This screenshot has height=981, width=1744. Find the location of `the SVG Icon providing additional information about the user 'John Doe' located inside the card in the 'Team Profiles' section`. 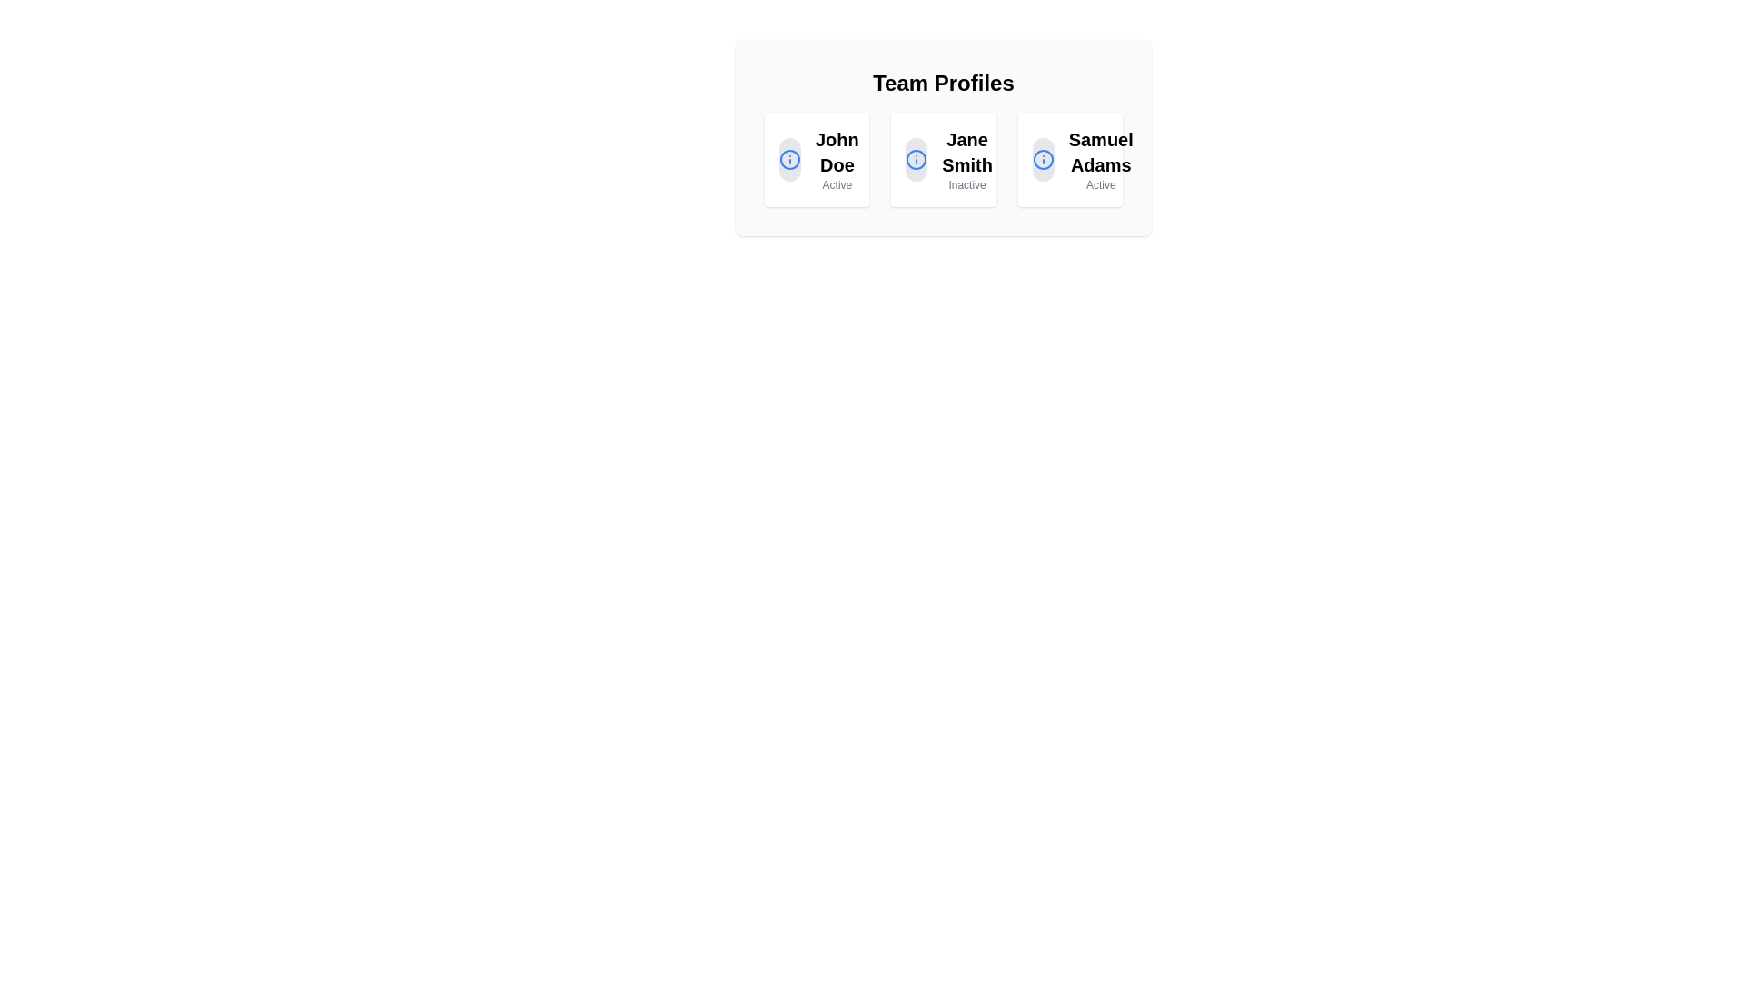

the SVG Icon providing additional information about the user 'John Doe' located inside the card in the 'Team Profiles' section is located at coordinates (789, 159).